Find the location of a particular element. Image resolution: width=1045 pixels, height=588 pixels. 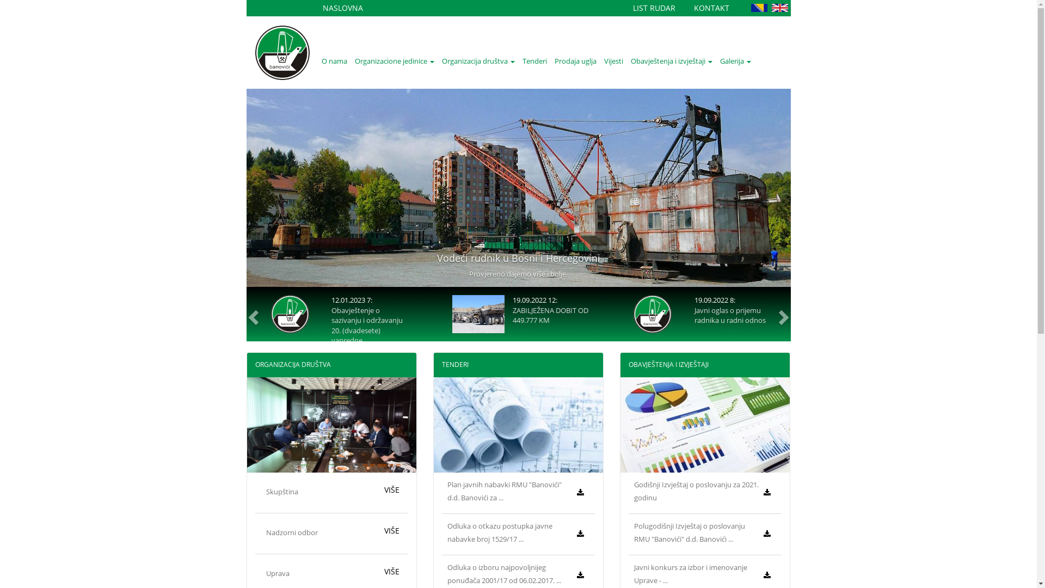

'KONTAKT' is located at coordinates (711, 8).